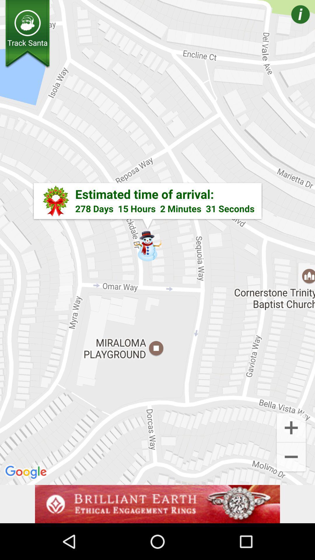  Describe the element at coordinates (157, 504) in the screenshot. I see `advertisement page` at that location.